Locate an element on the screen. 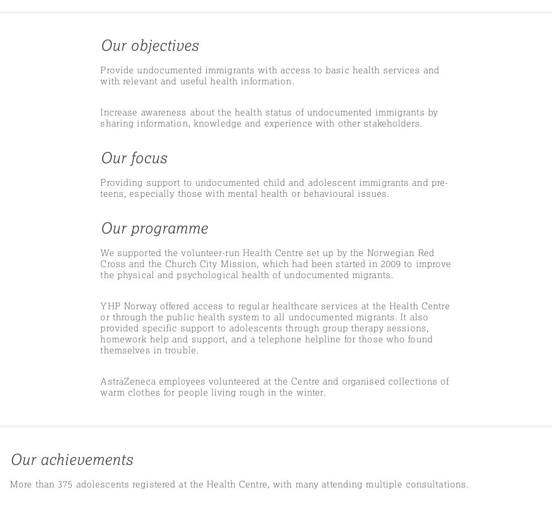 The image size is (552, 508). 'Increase awareness about the health status of undocumented immigrants by sharing information, knowledge and experience with other stakeholders.' is located at coordinates (269, 117).